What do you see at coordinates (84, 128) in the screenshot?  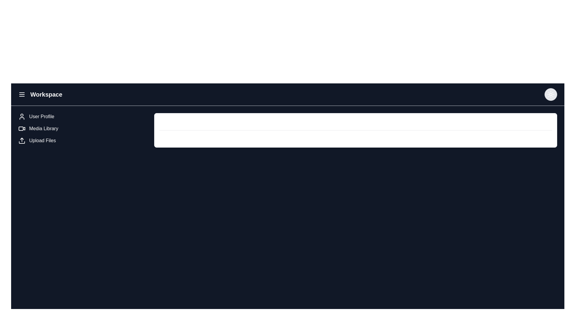 I see `the second navigation item labeled for accessing the Media Library section, positioned below 'User Profile' and above 'Upload Files' in the left navigation panel` at bounding box center [84, 128].